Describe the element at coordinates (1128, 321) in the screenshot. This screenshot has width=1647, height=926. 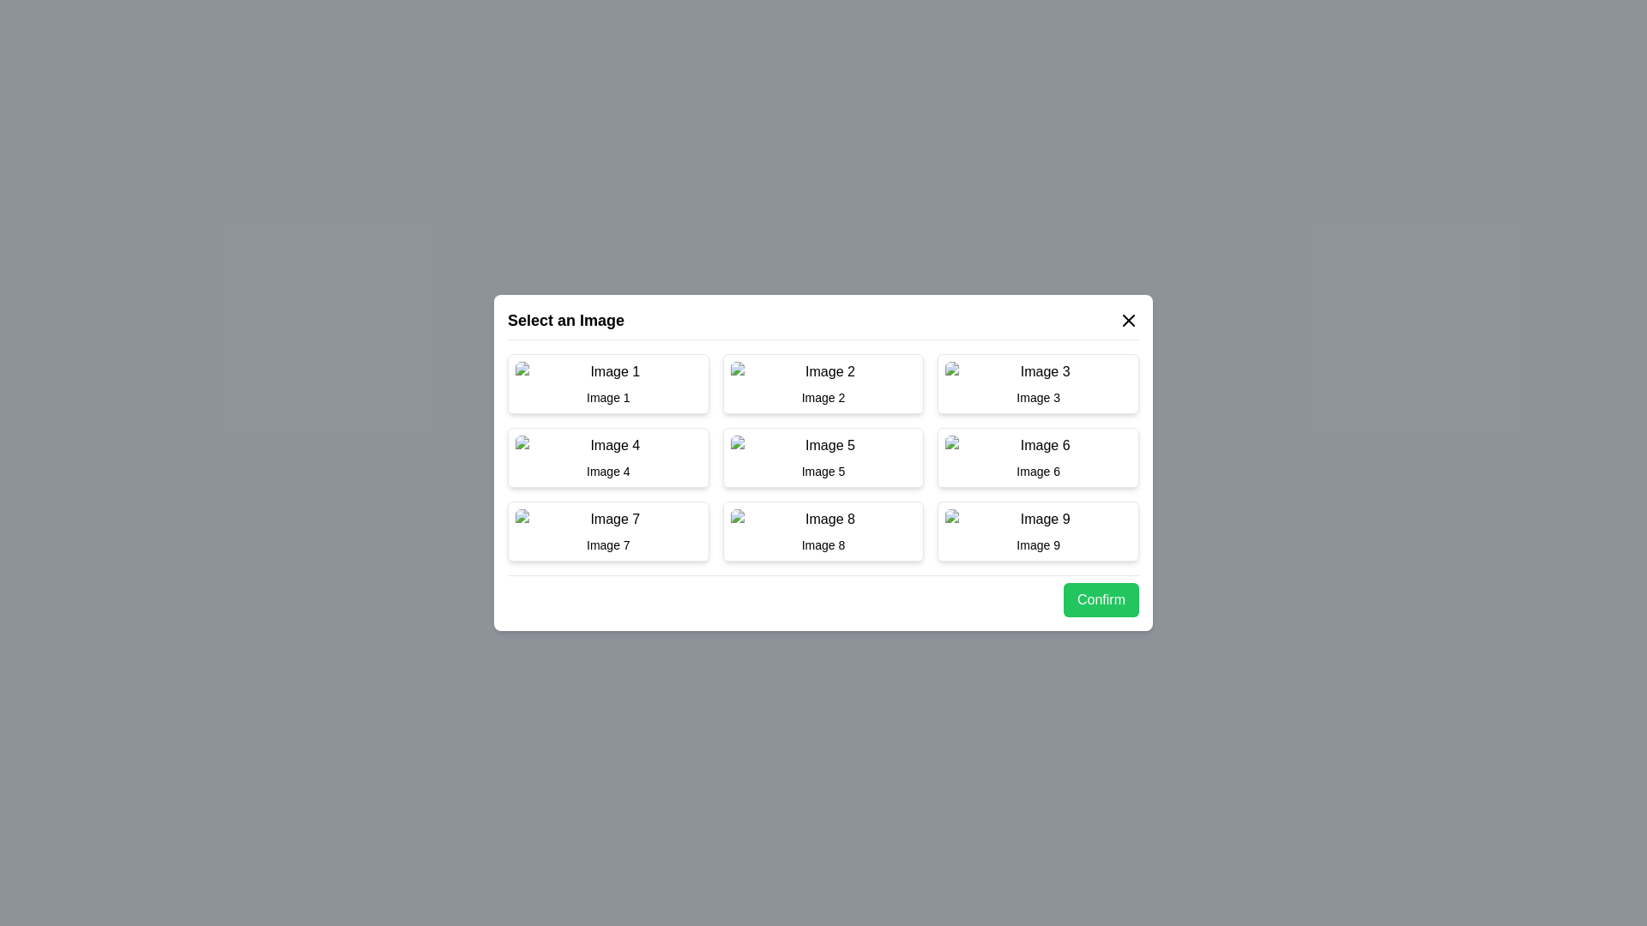
I see `the close button in the top-right corner of the dialog` at that location.